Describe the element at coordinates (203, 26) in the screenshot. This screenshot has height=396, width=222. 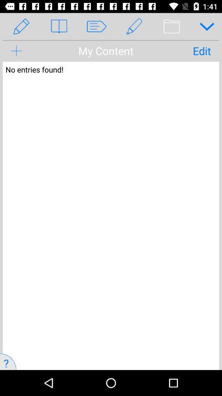
I see `the expand_more icon` at that location.